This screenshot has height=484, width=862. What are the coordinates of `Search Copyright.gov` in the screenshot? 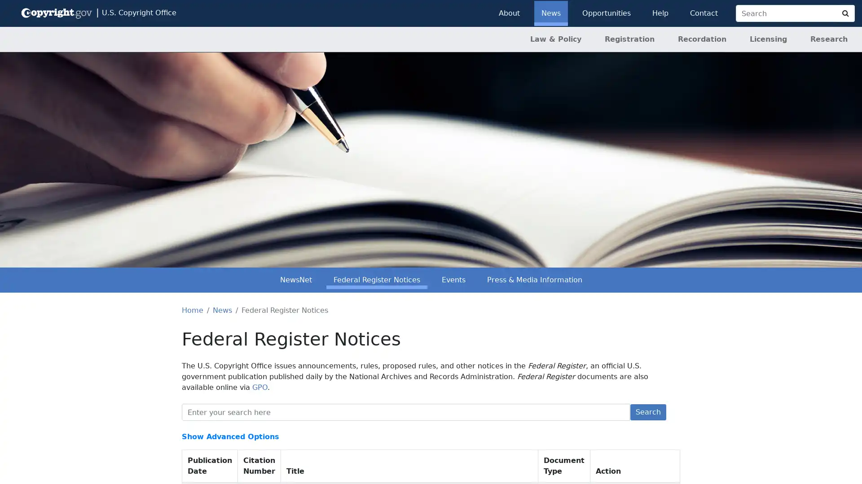 It's located at (845, 13).